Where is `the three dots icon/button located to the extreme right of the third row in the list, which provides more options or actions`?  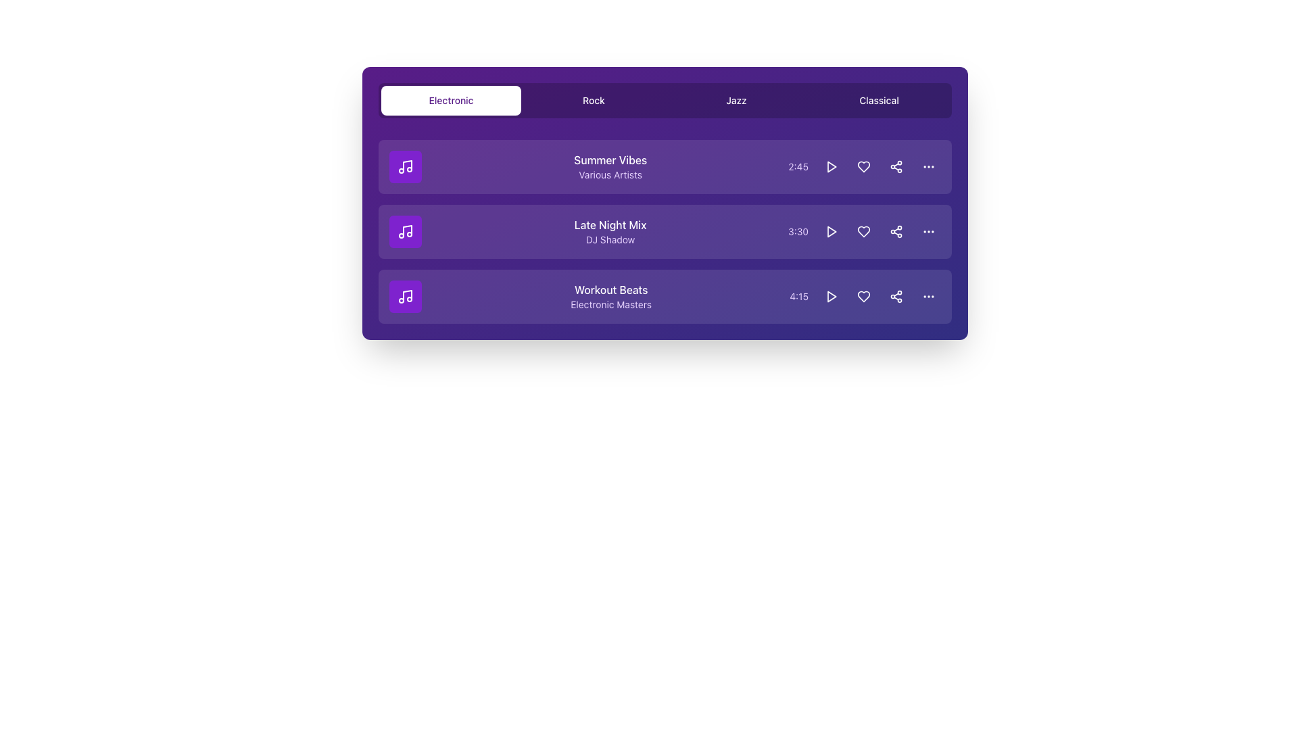
the three dots icon/button located to the extreme right of the third row in the list, which provides more options or actions is located at coordinates (928, 296).